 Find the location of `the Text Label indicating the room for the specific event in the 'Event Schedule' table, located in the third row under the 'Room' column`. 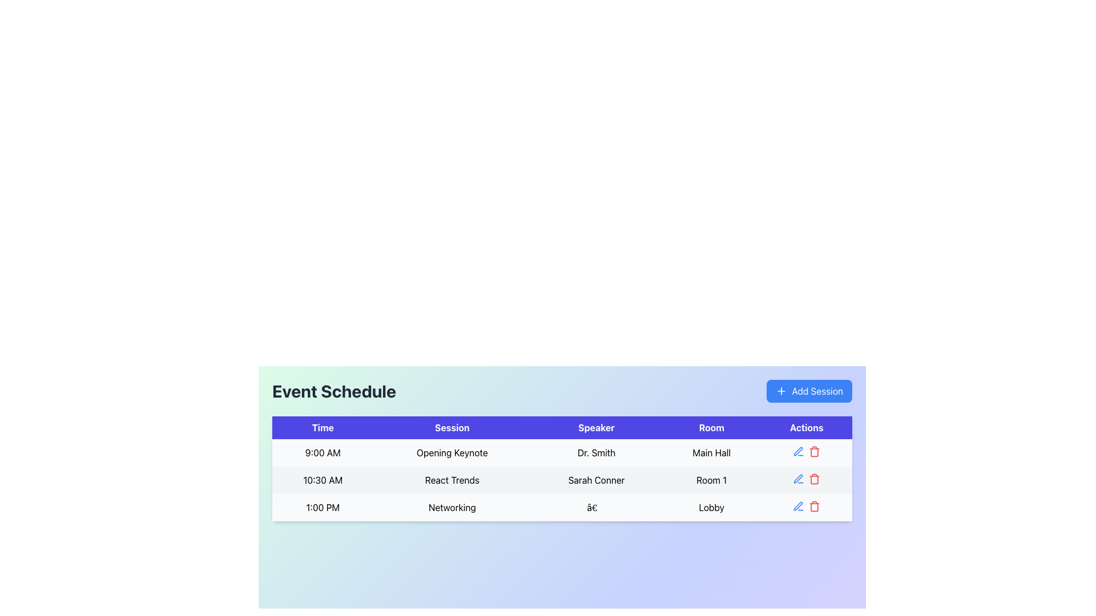

the Text Label indicating the room for the specific event in the 'Event Schedule' table, located in the third row under the 'Room' column is located at coordinates (711, 507).